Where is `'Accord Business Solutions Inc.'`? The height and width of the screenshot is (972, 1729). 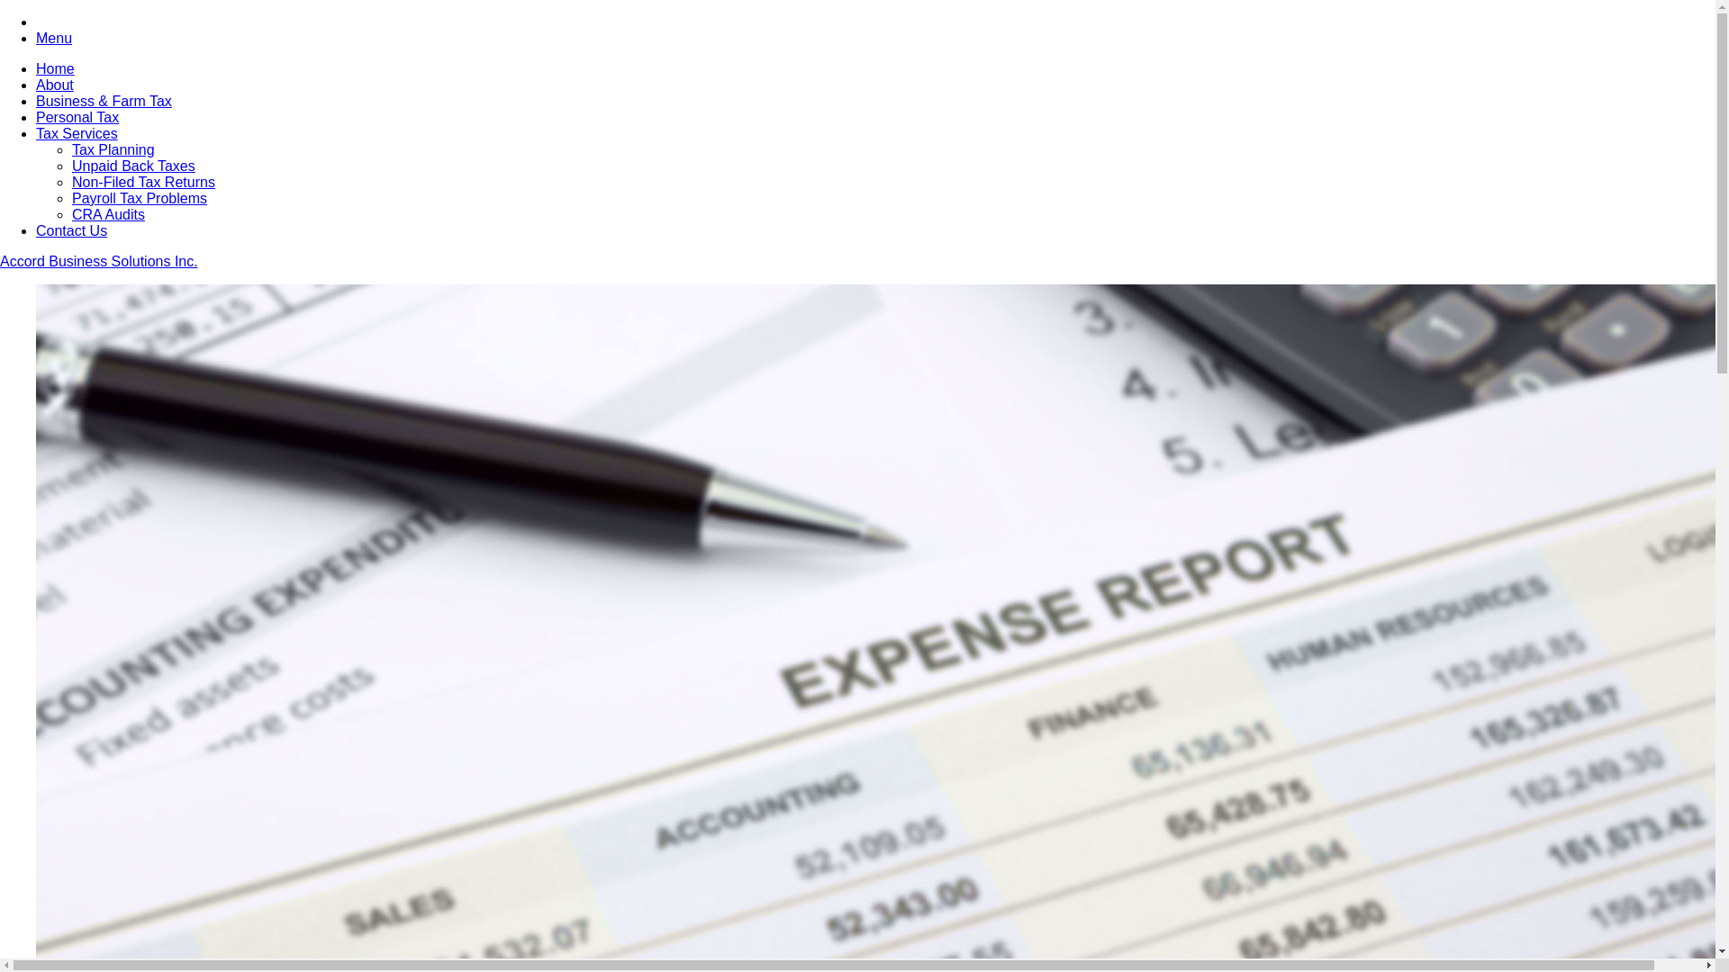 'Accord Business Solutions Inc.' is located at coordinates (0, 261).